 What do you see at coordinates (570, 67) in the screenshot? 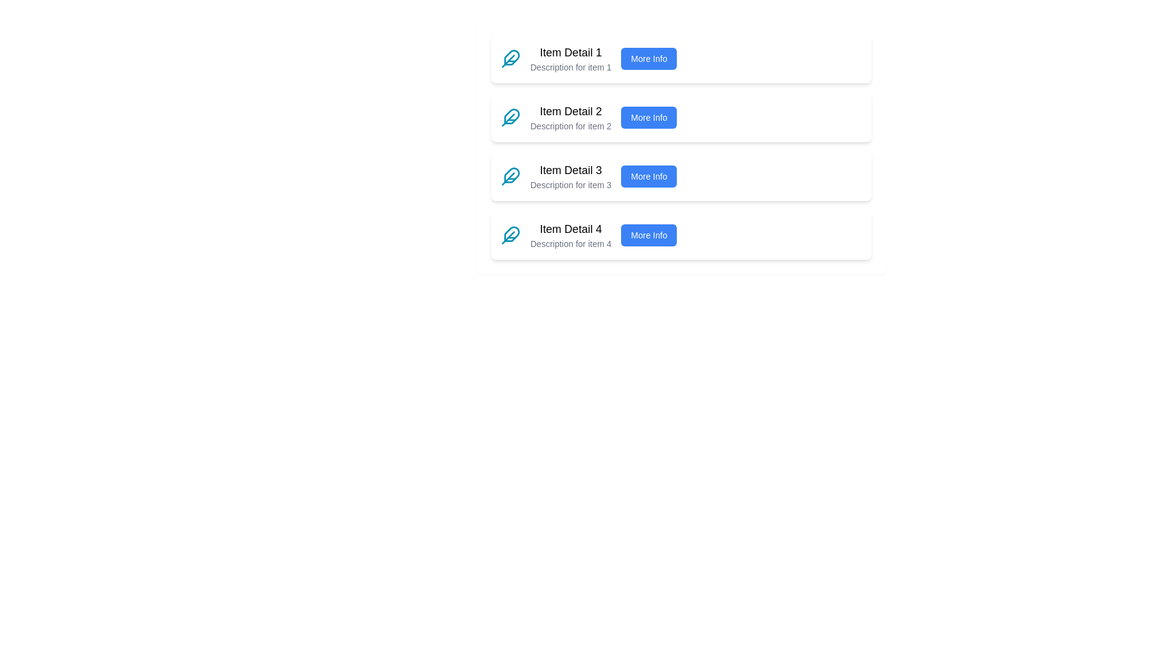
I see `descriptive text label that says 'Description for item 1', located below the heading 'Item Detail 1' in the first item card of the vertical list` at bounding box center [570, 67].